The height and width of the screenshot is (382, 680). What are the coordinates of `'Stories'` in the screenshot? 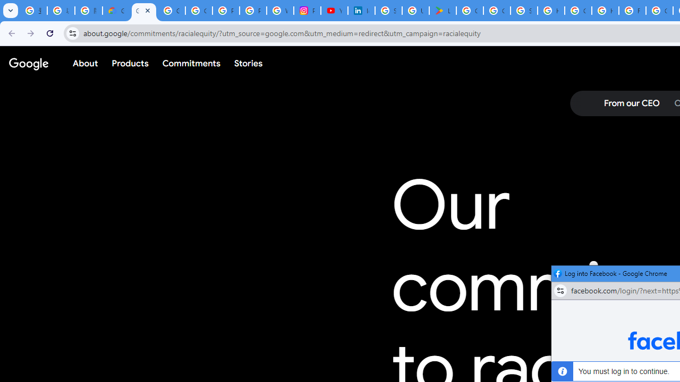 It's located at (248, 63).